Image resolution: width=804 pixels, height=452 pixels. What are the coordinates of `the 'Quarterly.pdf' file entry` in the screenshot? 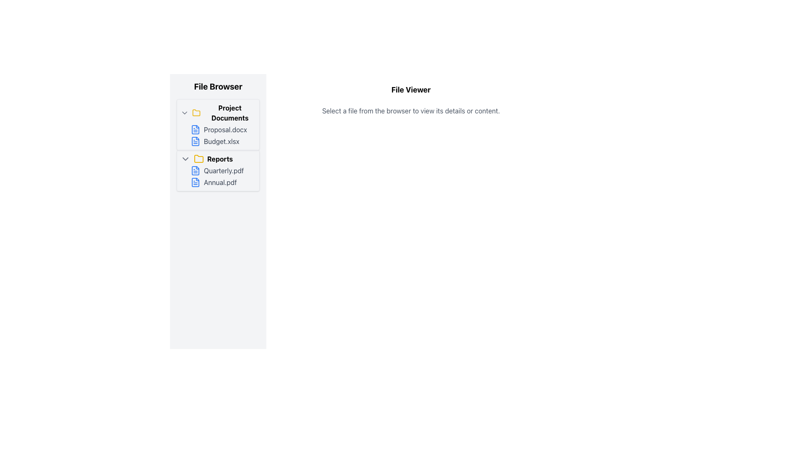 It's located at (223, 170).